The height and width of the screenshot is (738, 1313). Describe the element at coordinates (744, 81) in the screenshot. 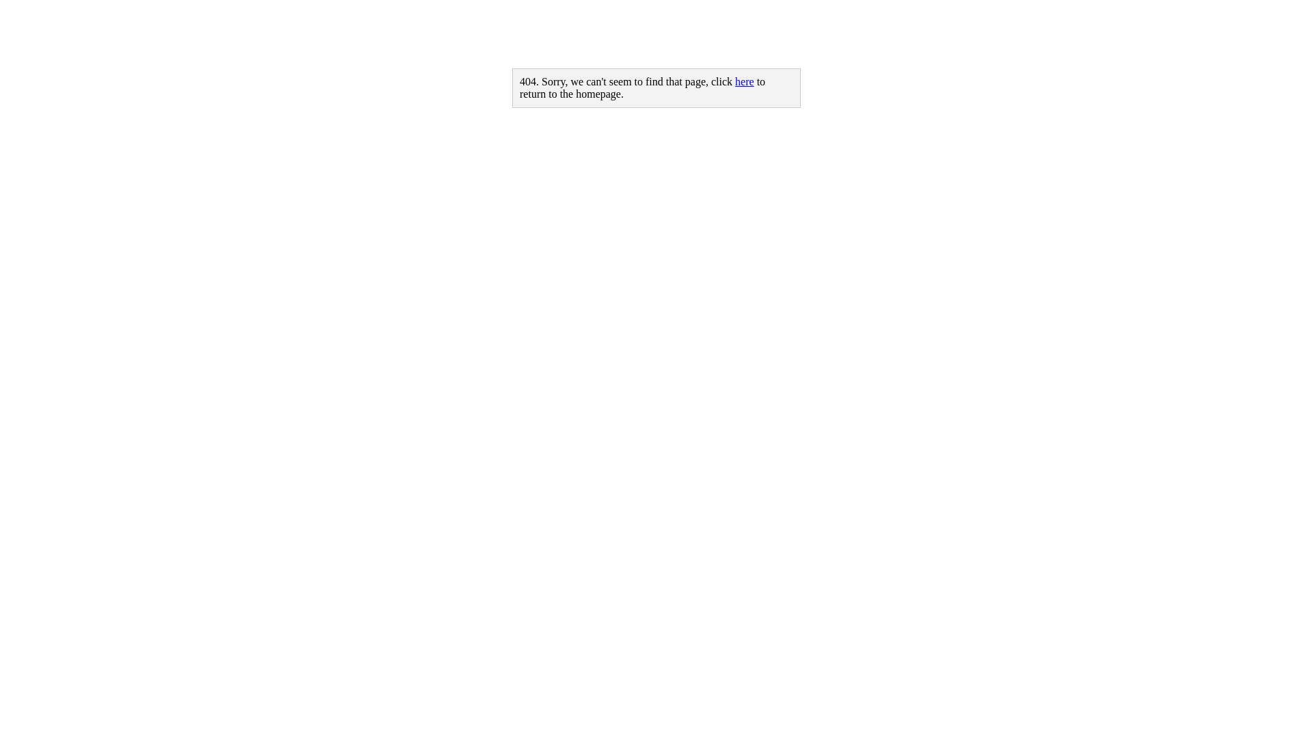

I see `'here'` at that location.